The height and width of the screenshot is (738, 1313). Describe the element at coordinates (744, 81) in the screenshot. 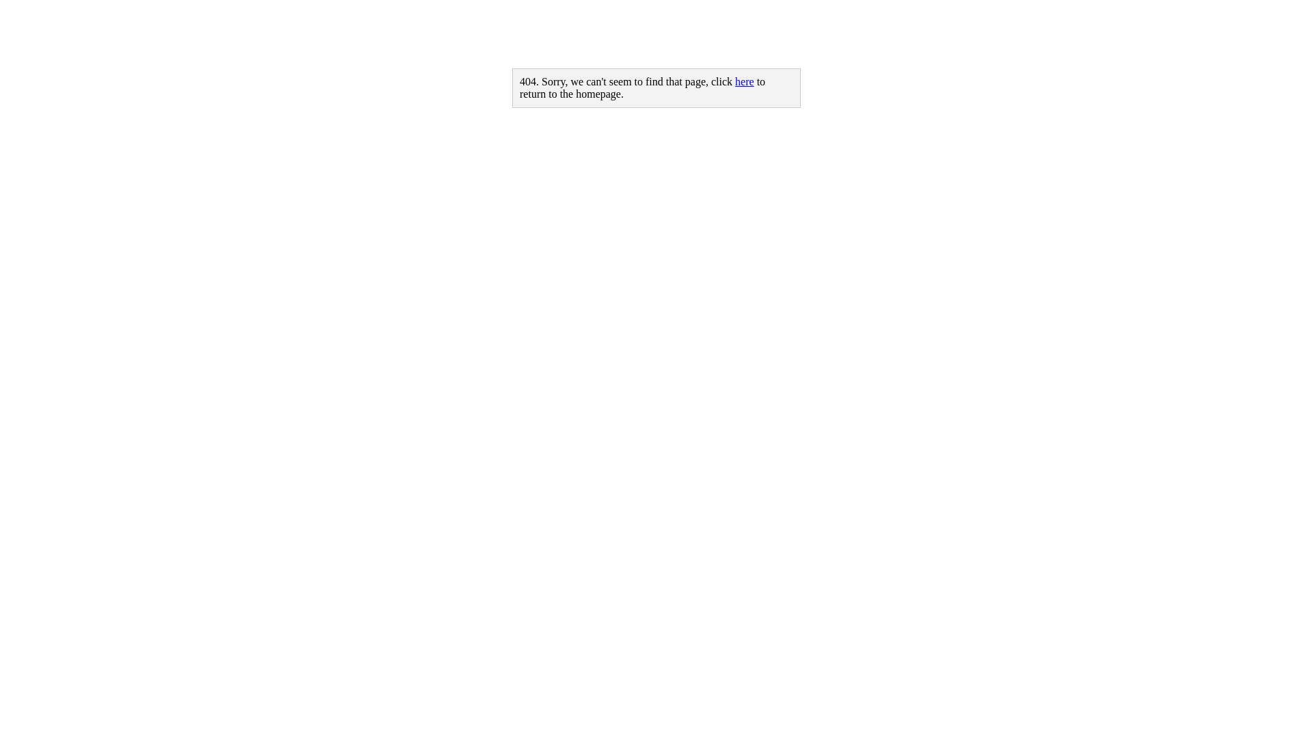

I see `'here'` at that location.